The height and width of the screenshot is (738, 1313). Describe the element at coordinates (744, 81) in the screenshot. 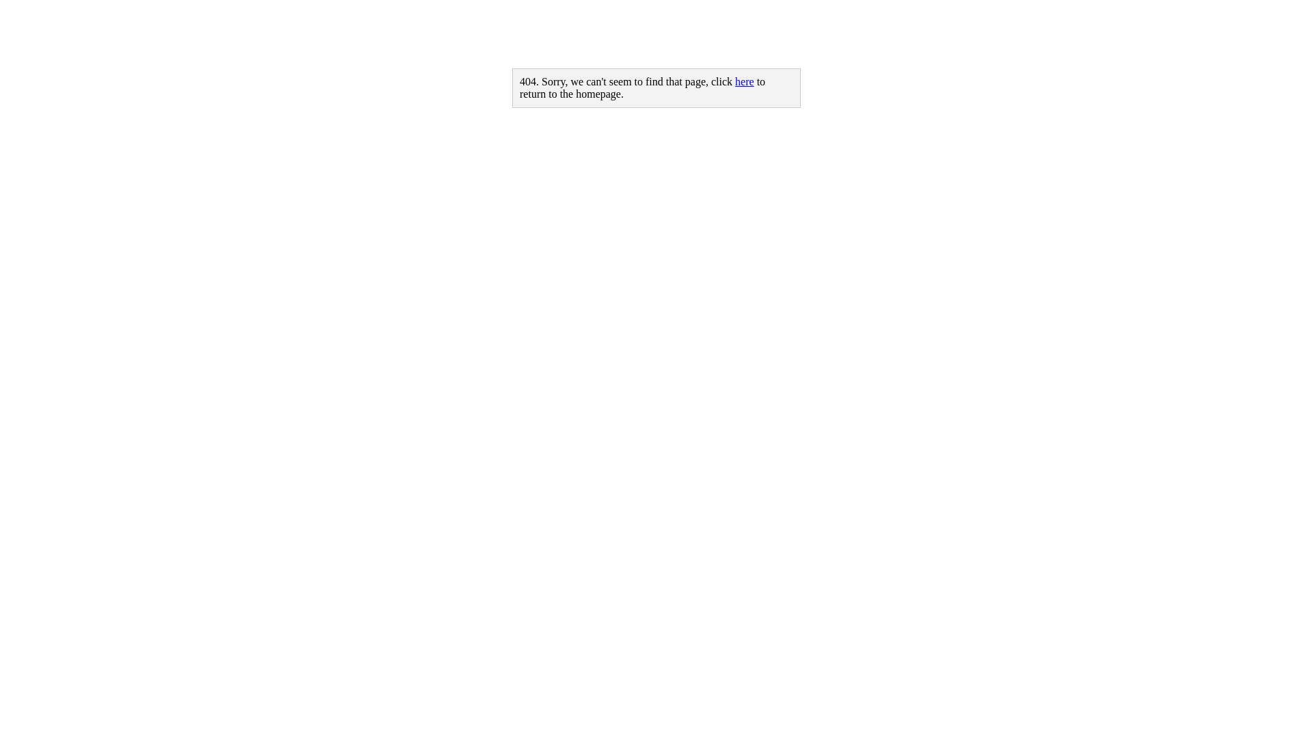

I see `'here'` at that location.